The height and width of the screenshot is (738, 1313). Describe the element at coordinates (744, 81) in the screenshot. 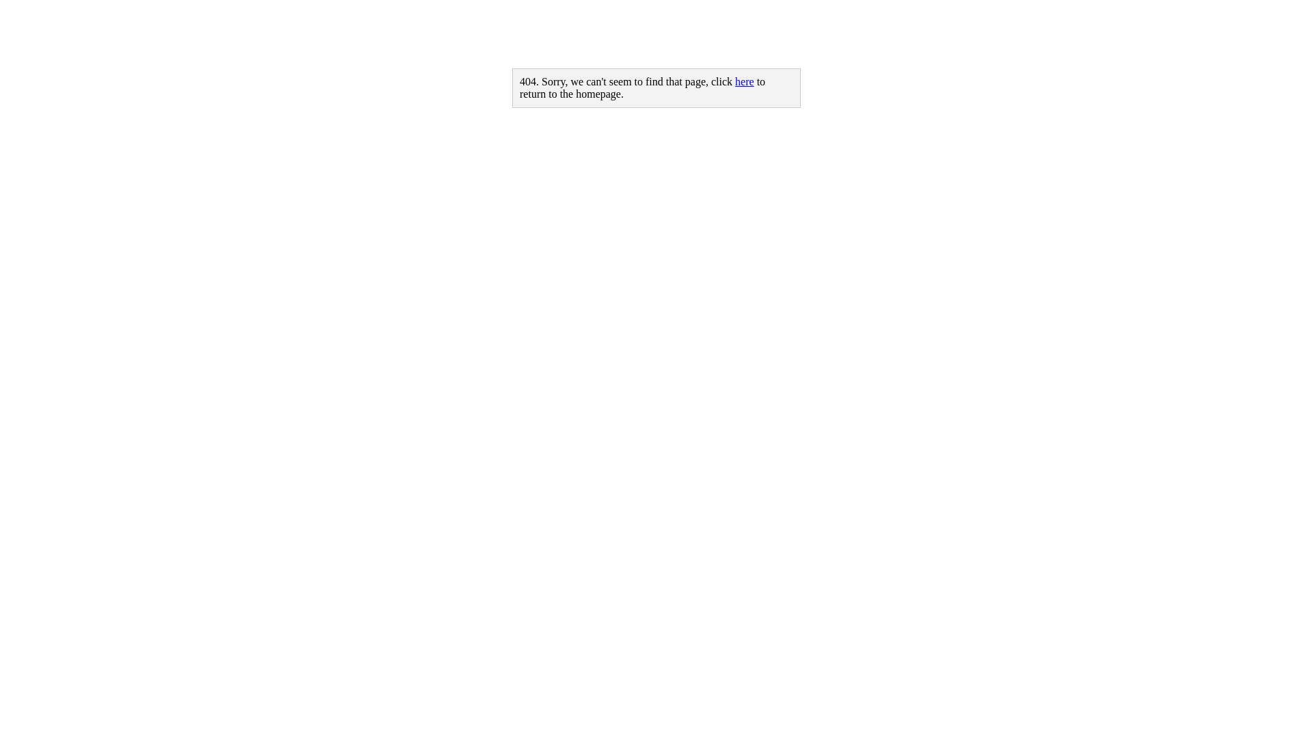

I see `'here'` at that location.